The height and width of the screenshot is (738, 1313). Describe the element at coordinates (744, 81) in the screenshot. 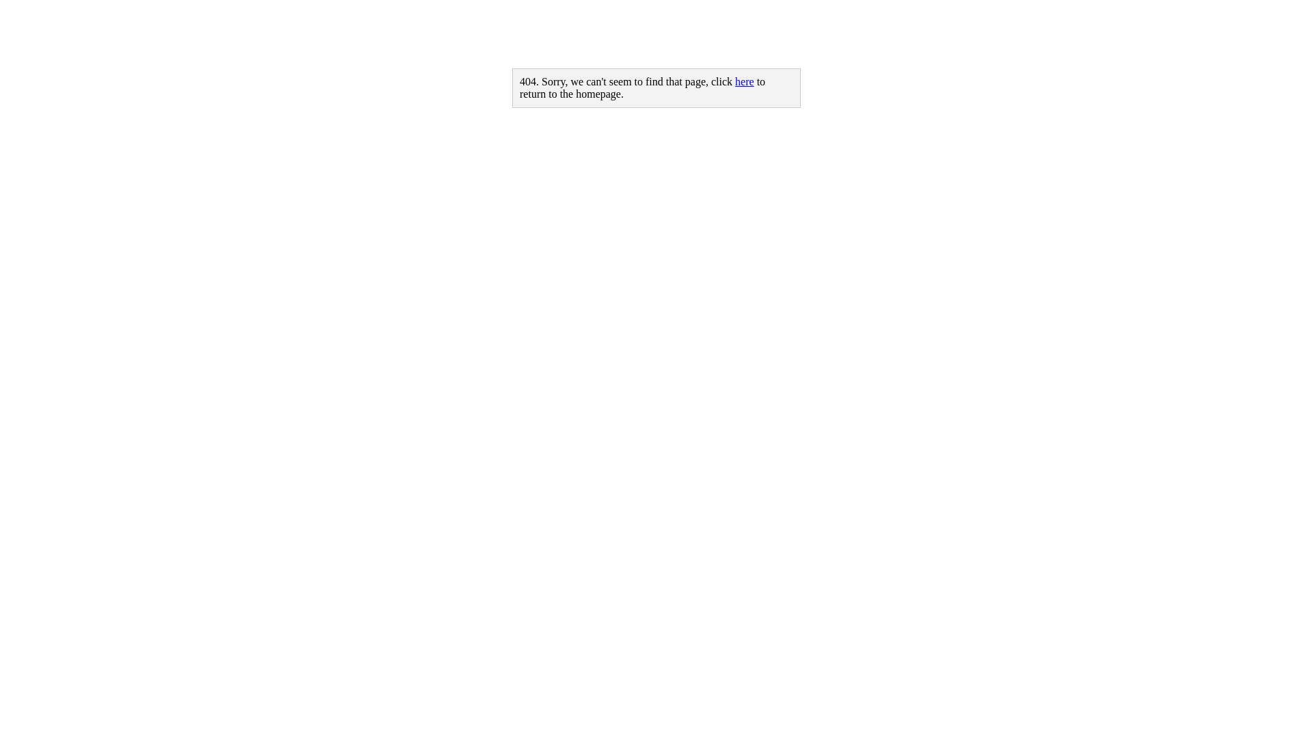

I see `'here'` at that location.